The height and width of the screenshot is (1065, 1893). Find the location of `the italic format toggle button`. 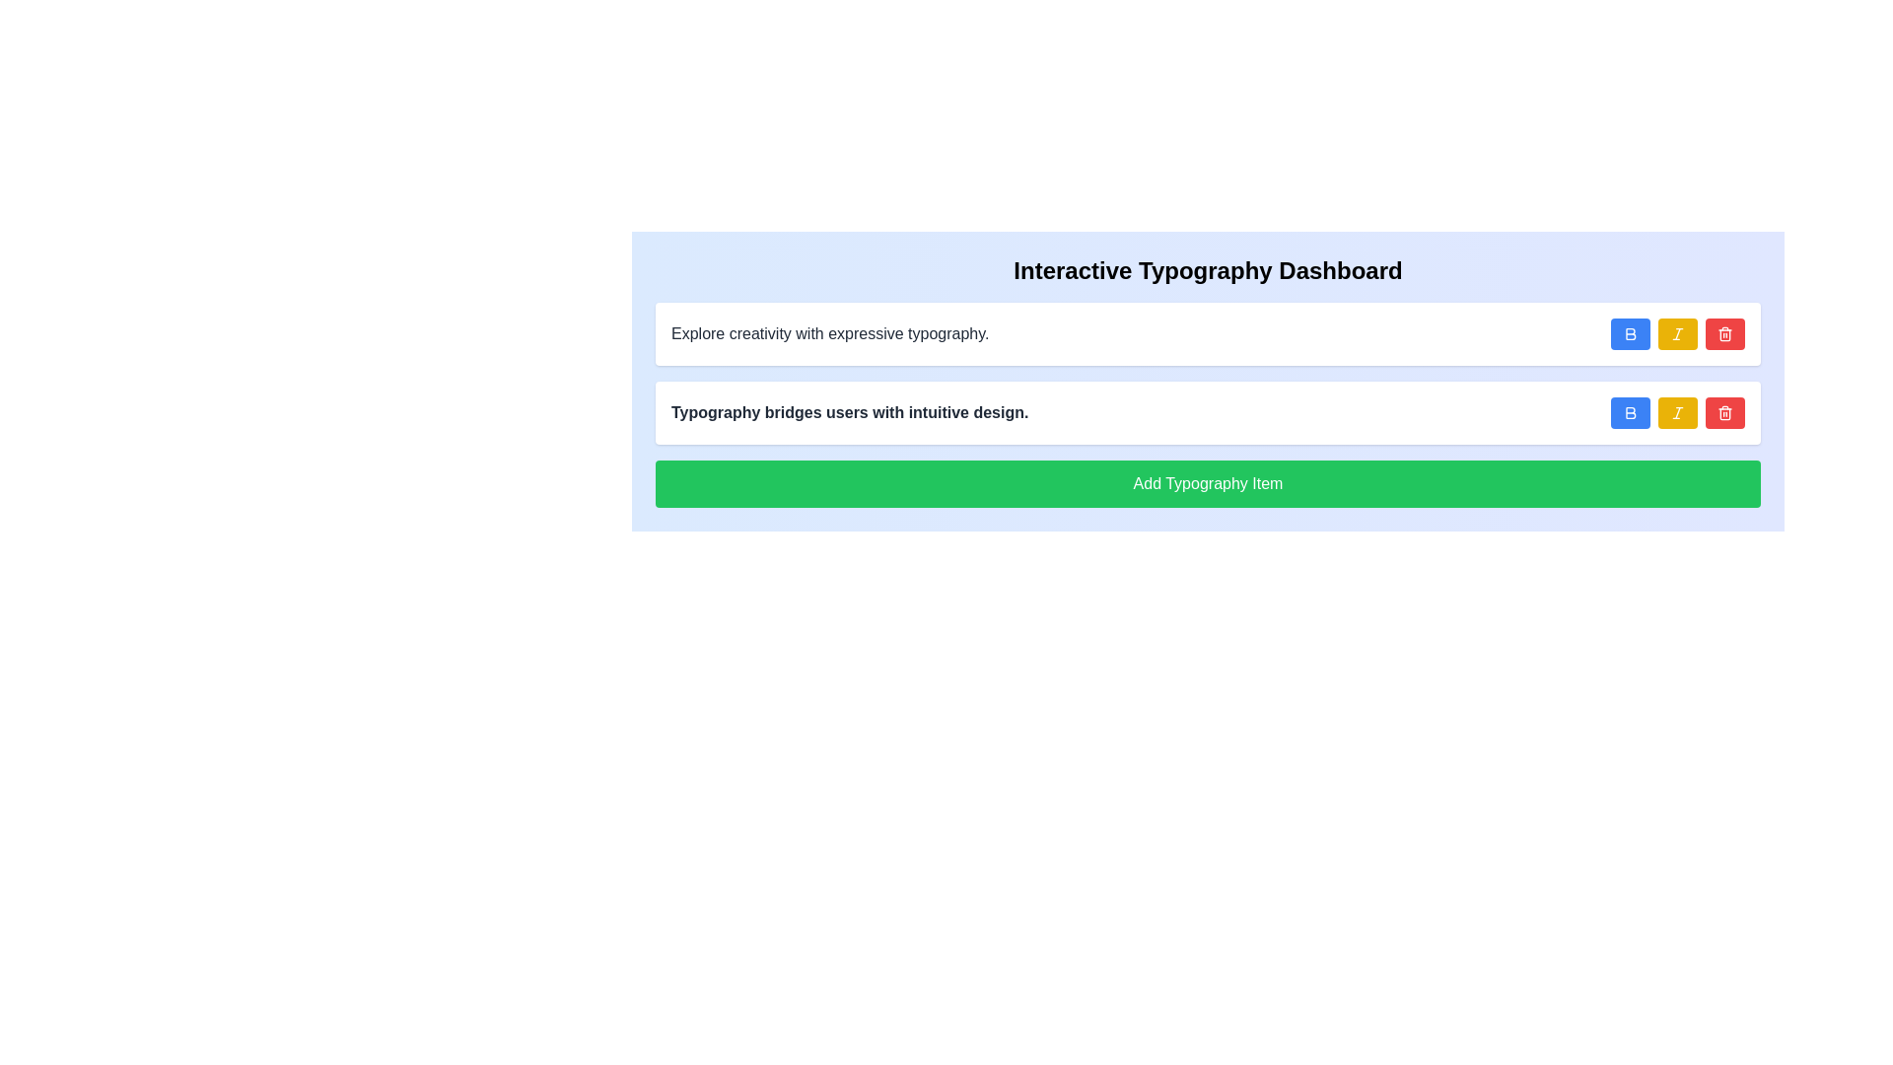

the italic format toggle button is located at coordinates (1677, 333).